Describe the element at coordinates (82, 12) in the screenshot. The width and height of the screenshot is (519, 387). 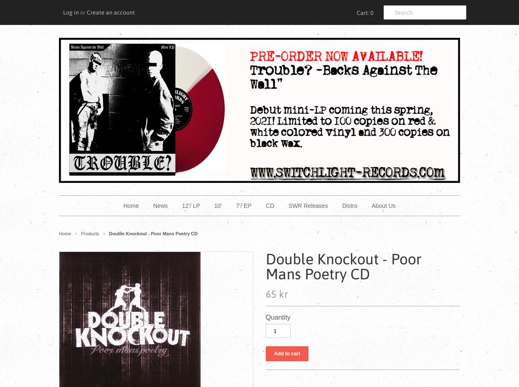
I see `'or'` at that location.